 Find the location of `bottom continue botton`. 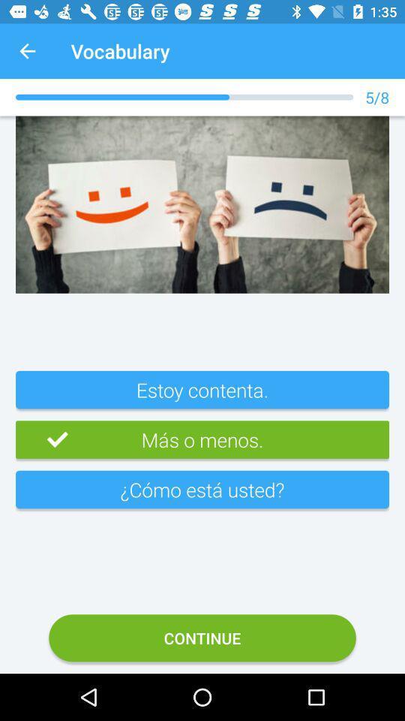

bottom continue botton is located at coordinates (202, 637).